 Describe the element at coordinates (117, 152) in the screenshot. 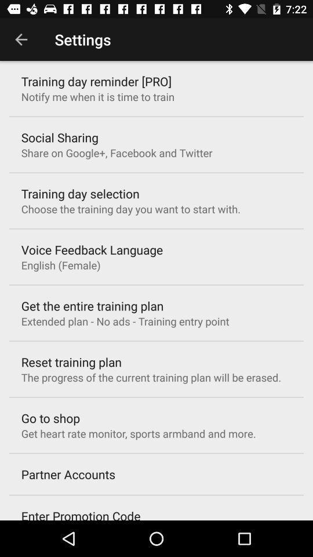

I see `icon above training day selection icon` at that location.